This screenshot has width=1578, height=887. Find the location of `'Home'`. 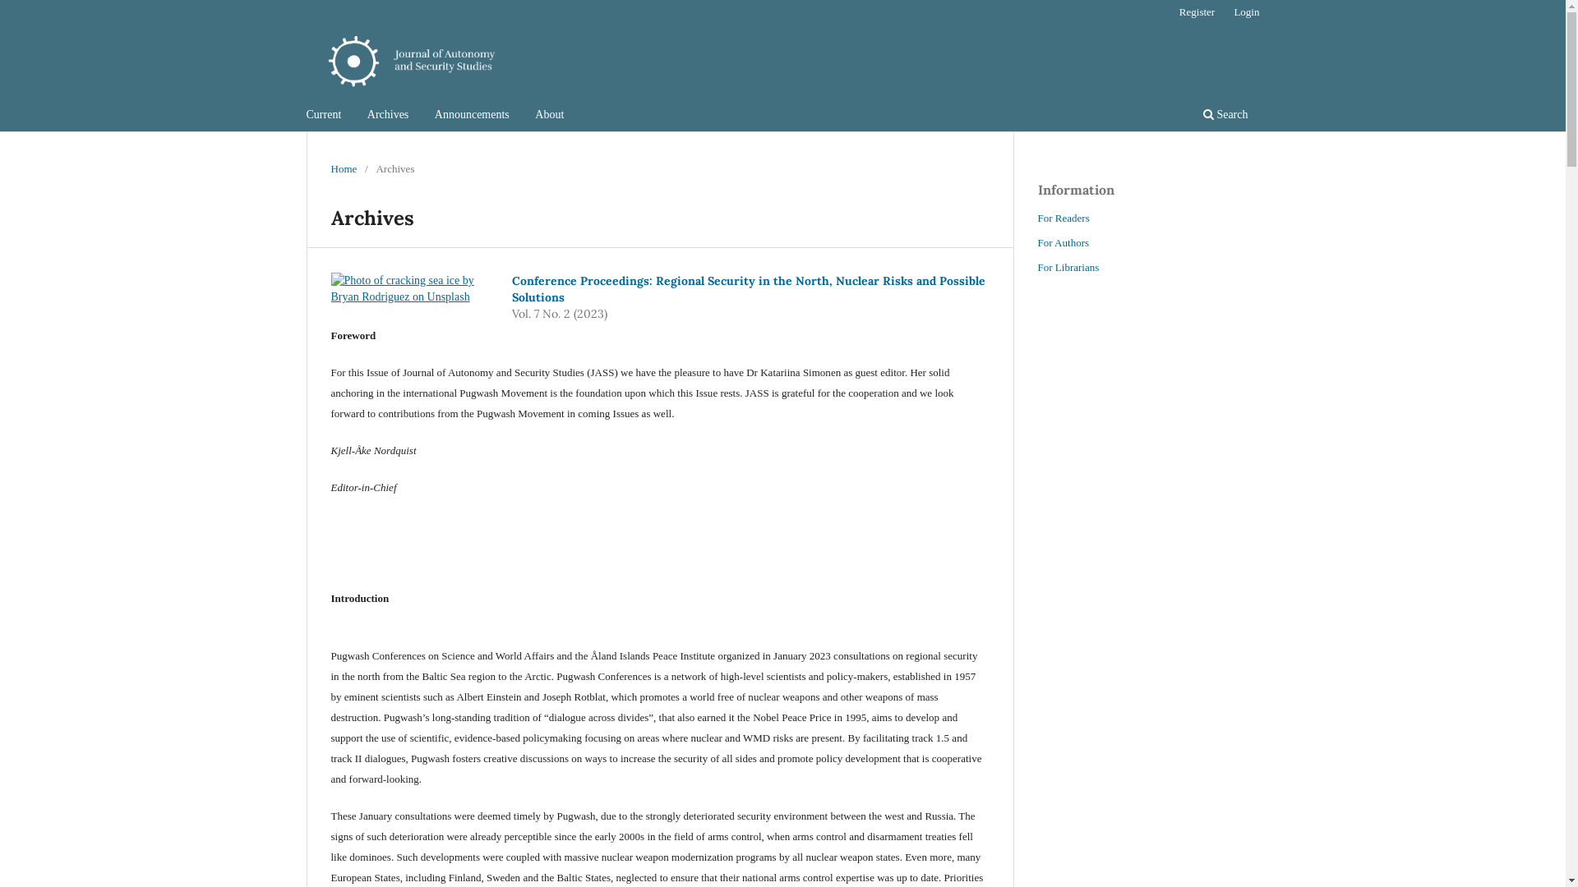

'Home' is located at coordinates (342, 168).